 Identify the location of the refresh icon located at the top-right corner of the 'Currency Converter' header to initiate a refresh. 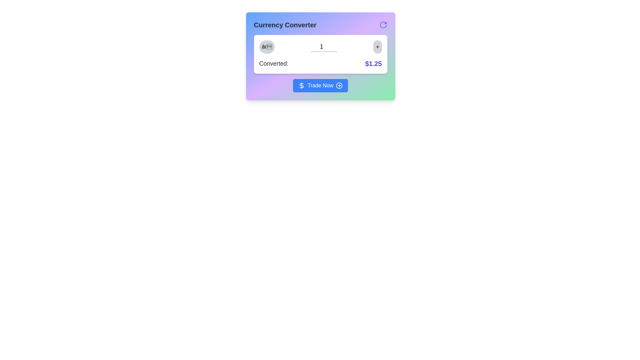
(383, 24).